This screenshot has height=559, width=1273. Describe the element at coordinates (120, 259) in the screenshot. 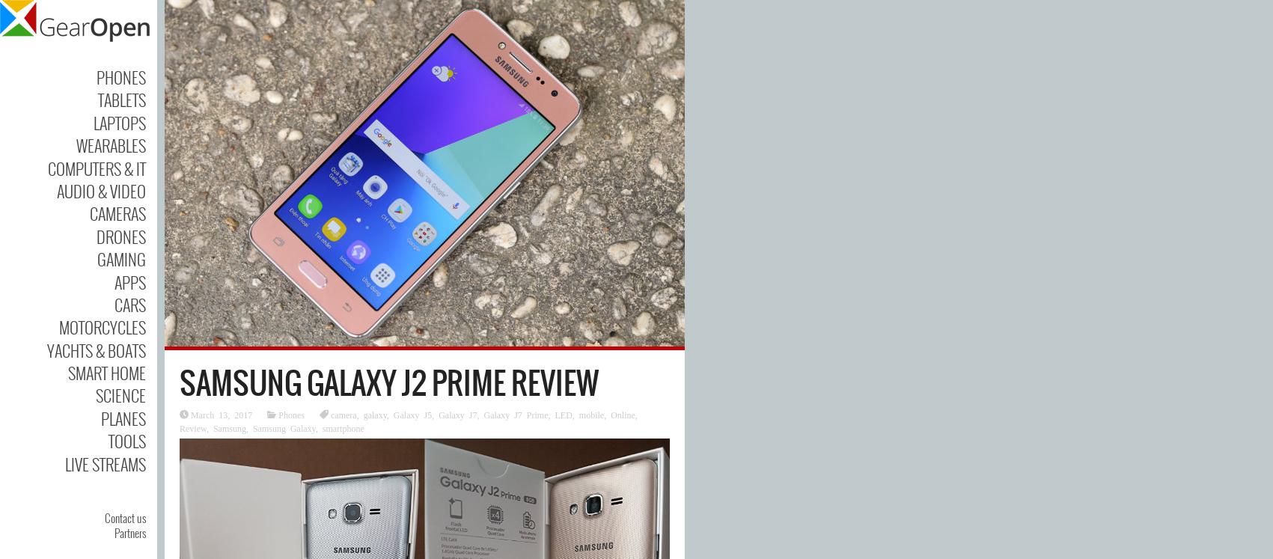

I see `'Gaming'` at that location.